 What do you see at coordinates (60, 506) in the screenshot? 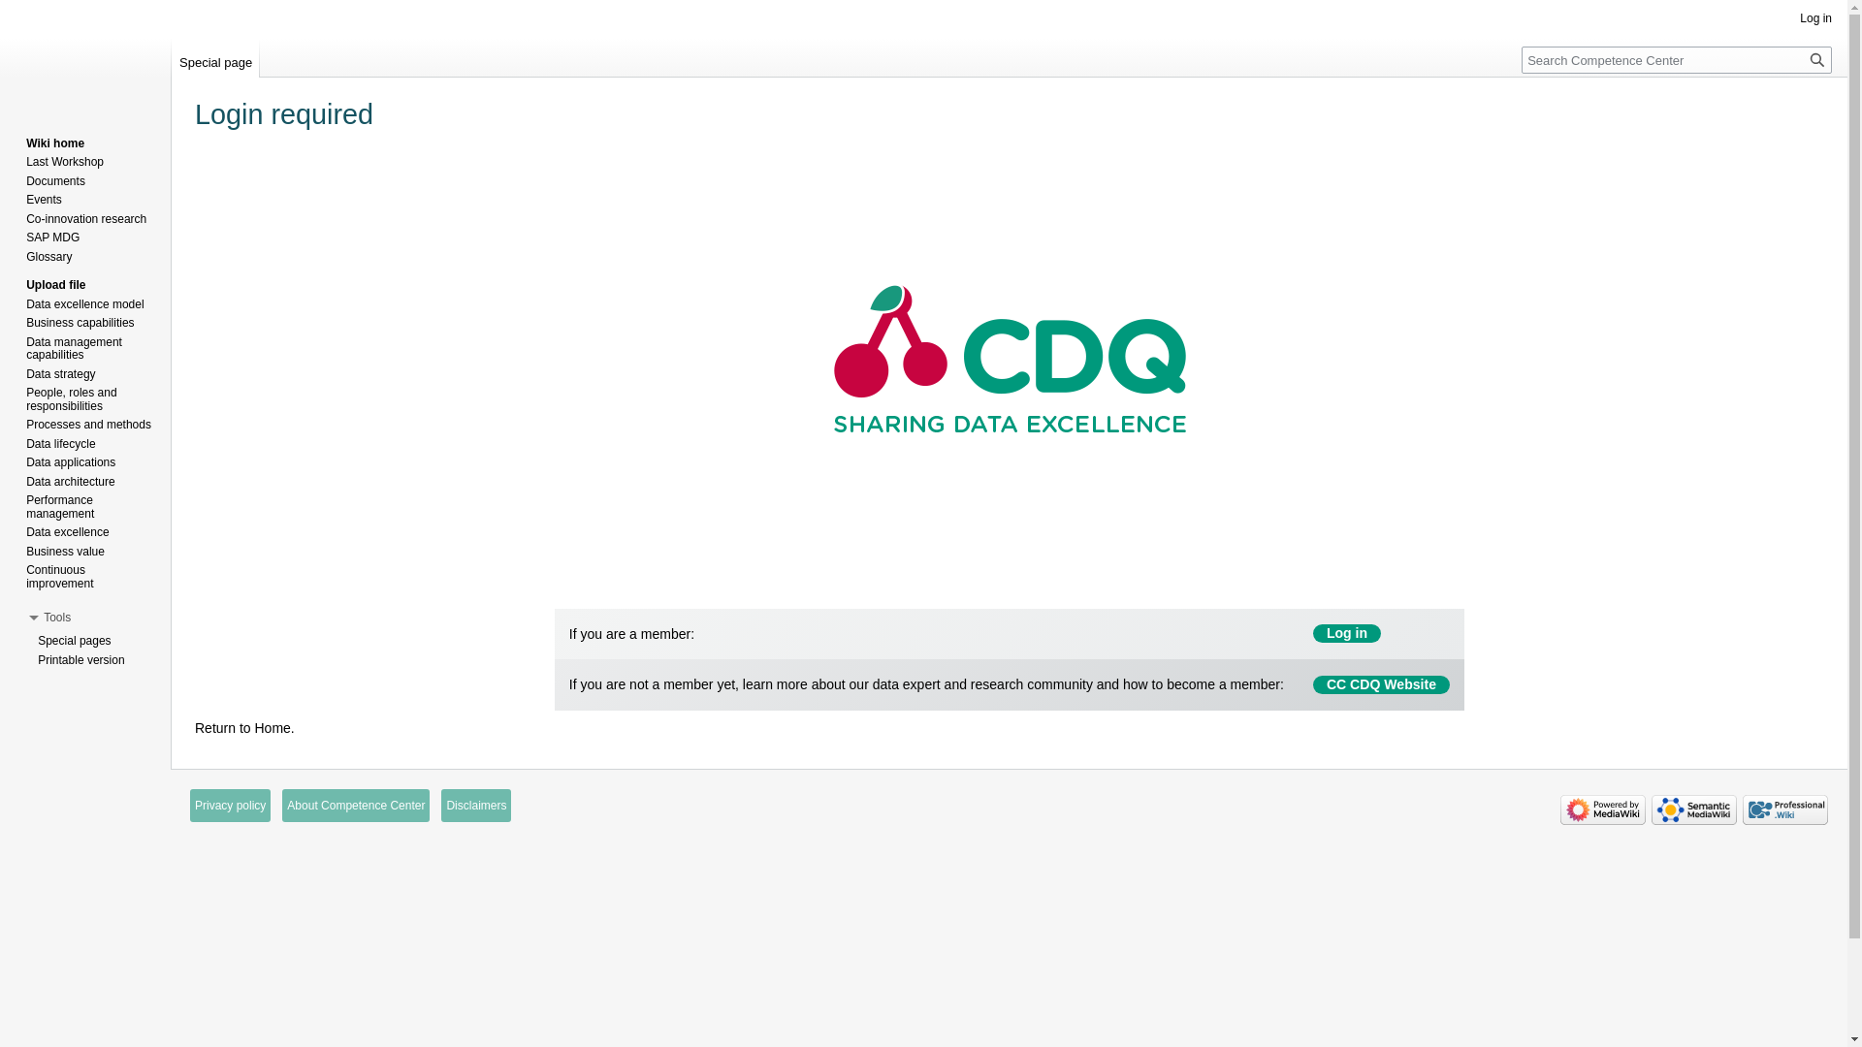
I see `'Performance management'` at bounding box center [60, 506].